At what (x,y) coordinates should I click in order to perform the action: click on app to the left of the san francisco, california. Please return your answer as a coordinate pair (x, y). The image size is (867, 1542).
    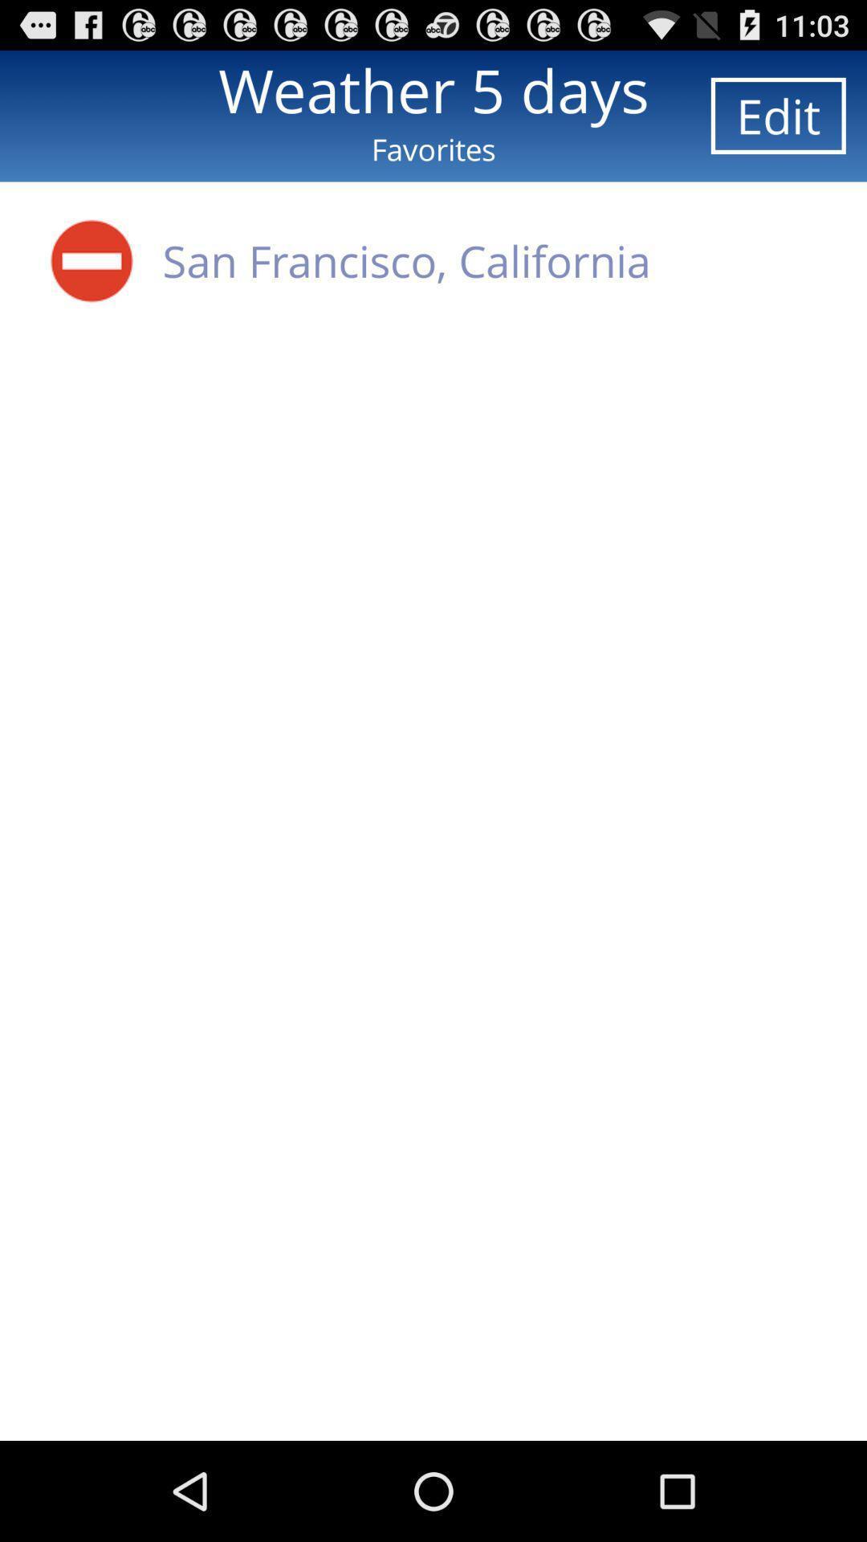
    Looking at the image, I should click on (92, 260).